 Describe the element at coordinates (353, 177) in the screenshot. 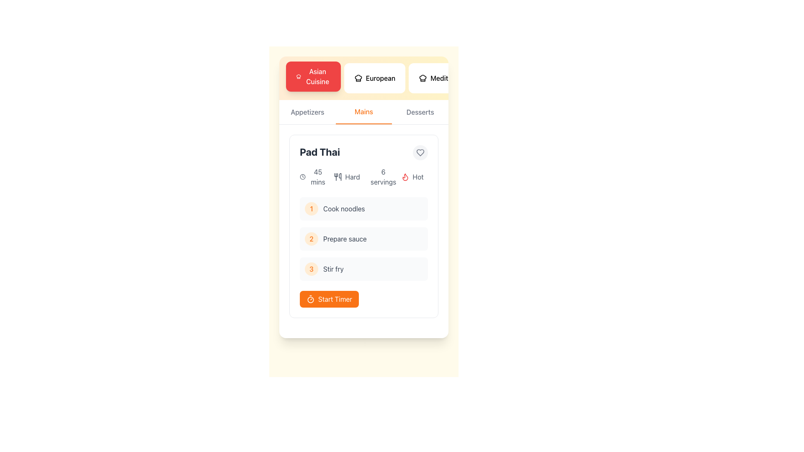

I see `the difficulty level text label, which is the third element in a horizontal stack of elements providing detailed information about the selected recipe` at that location.